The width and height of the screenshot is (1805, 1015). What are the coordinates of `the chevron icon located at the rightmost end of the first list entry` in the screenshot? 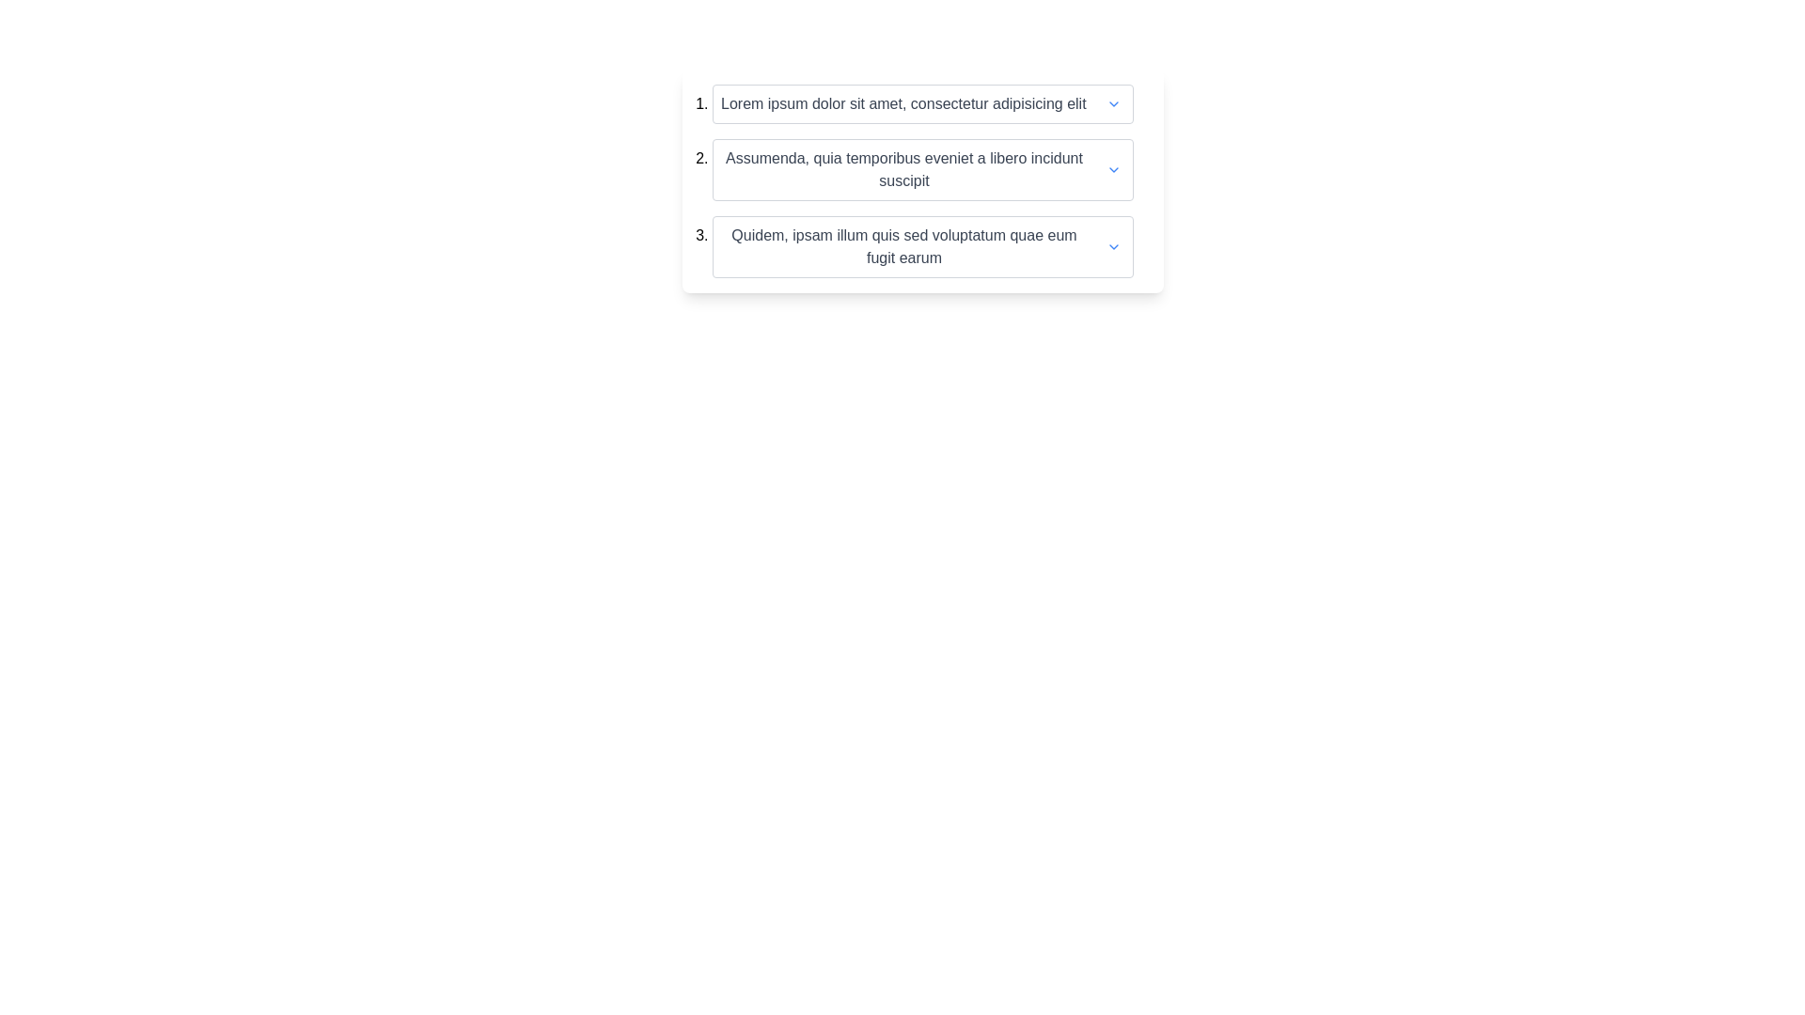 It's located at (1114, 104).